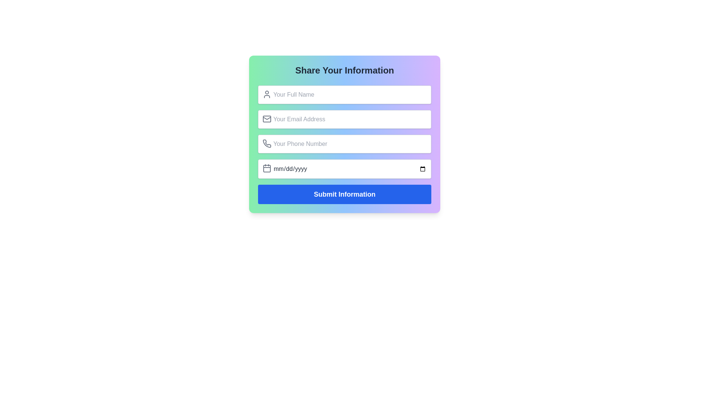 The width and height of the screenshot is (717, 403). What do you see at coordinates (267, 144) in the screenshot?
I see `the phone number input field icon located to the left of the 'Your Phone Number' text input field` at bounding box center [267, 144].